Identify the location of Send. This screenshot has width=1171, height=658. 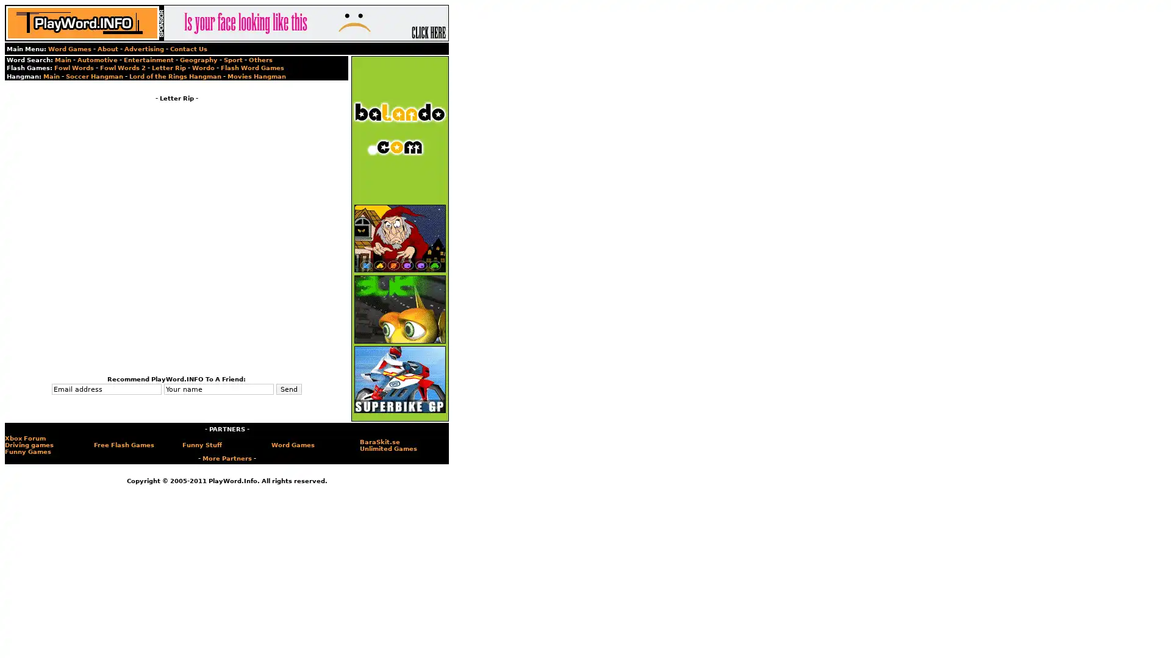
(288, 389).